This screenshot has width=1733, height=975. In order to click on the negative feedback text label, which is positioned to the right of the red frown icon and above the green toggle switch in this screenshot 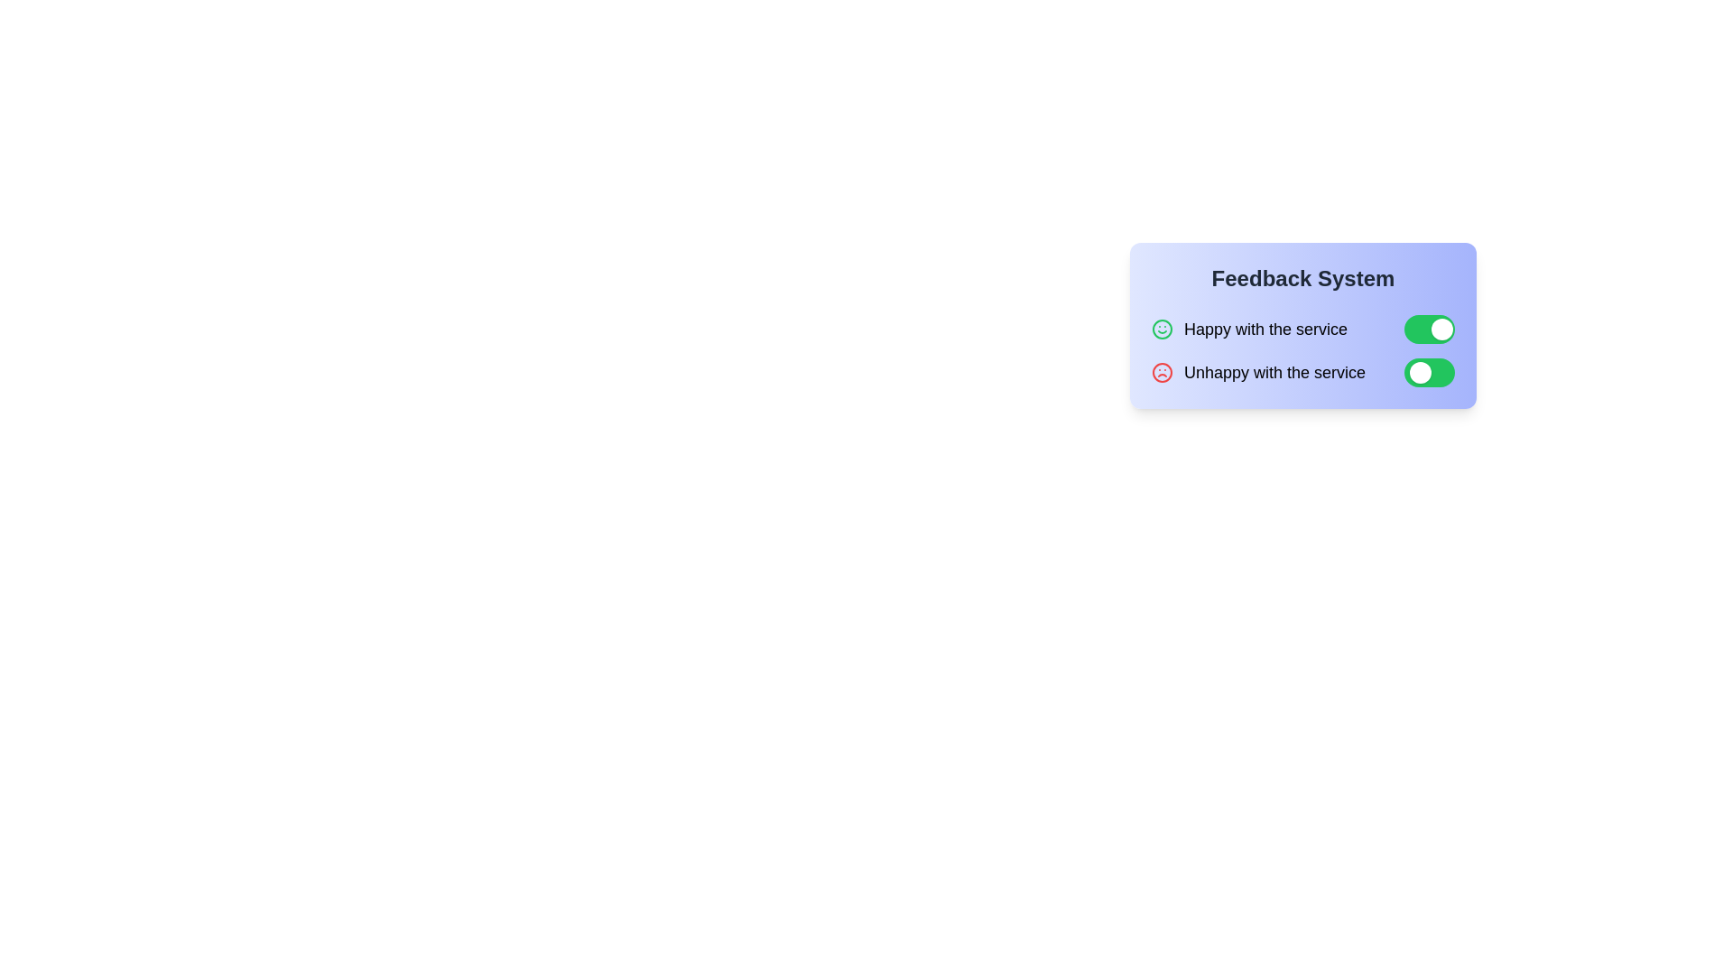, I will do `click(1274, 371)`.